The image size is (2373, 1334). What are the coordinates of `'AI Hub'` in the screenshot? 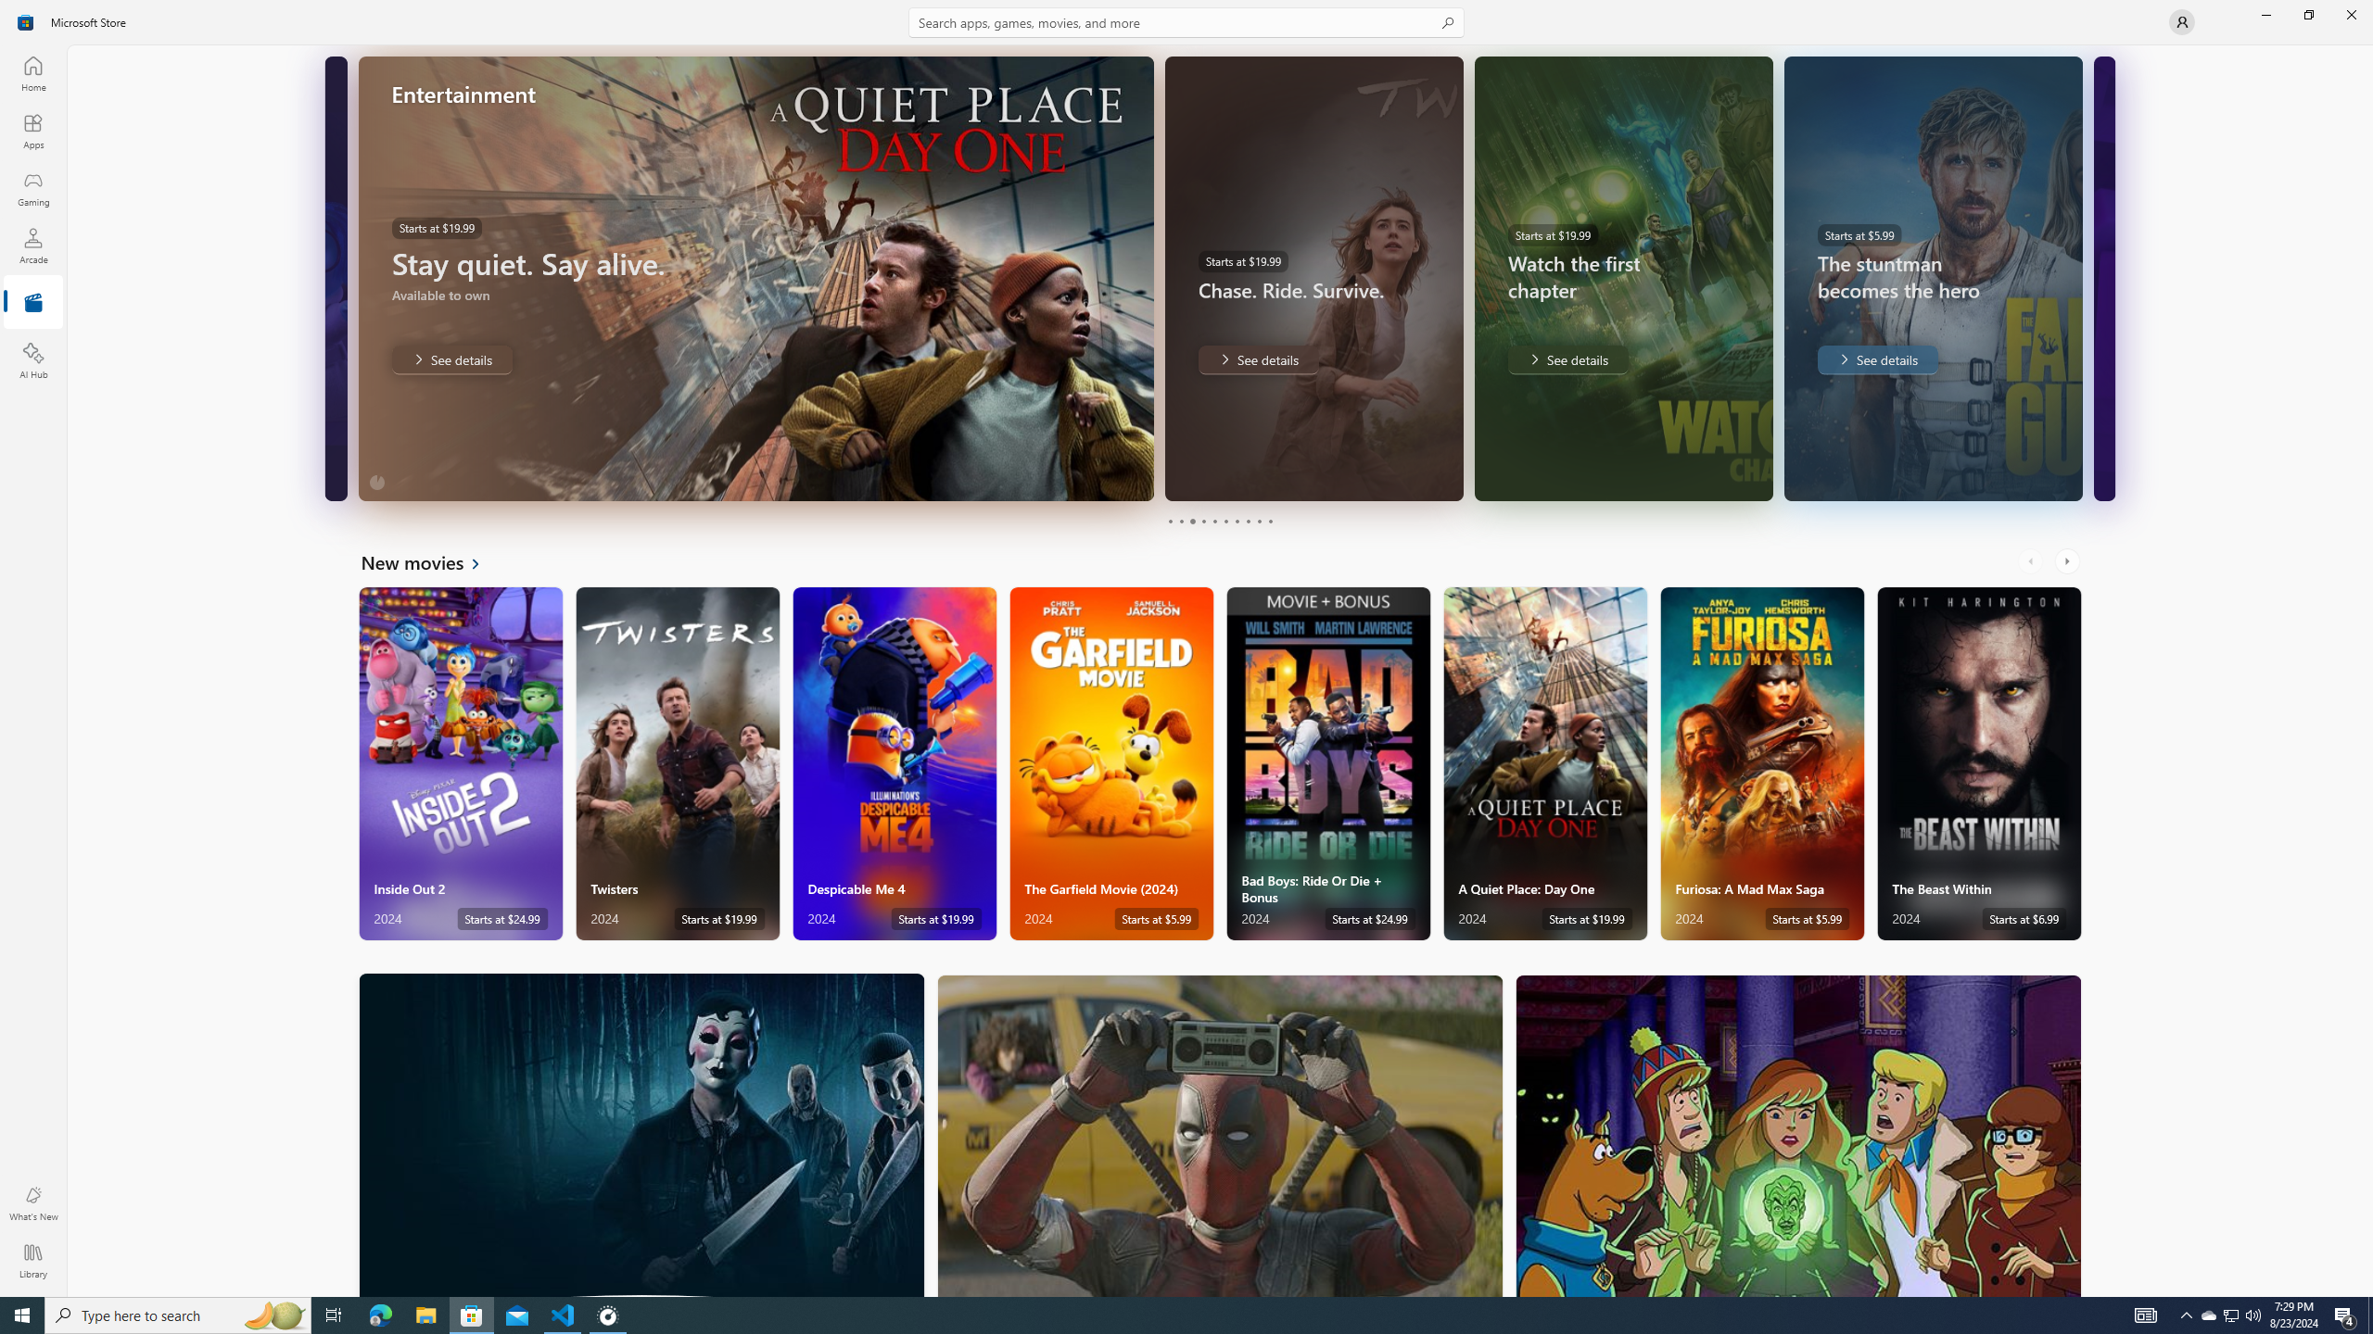 It's located at (32, 359).